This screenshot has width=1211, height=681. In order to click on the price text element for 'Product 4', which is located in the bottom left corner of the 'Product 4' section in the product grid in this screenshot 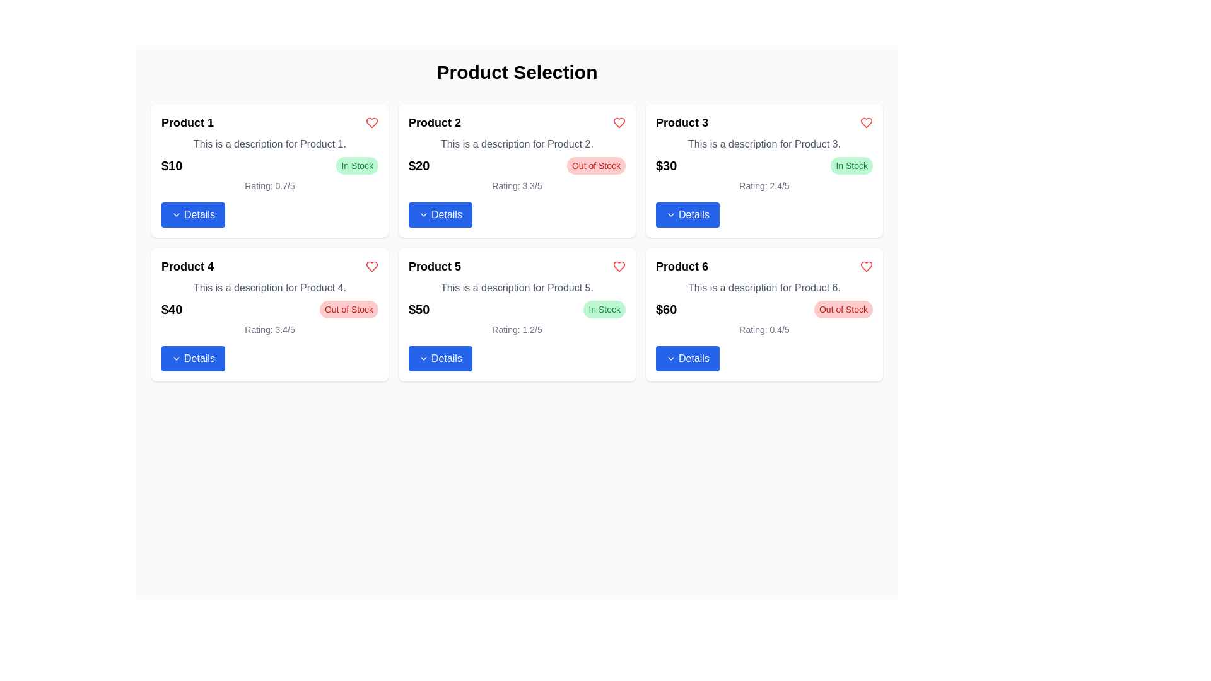, I will do `click(171, 309)`.